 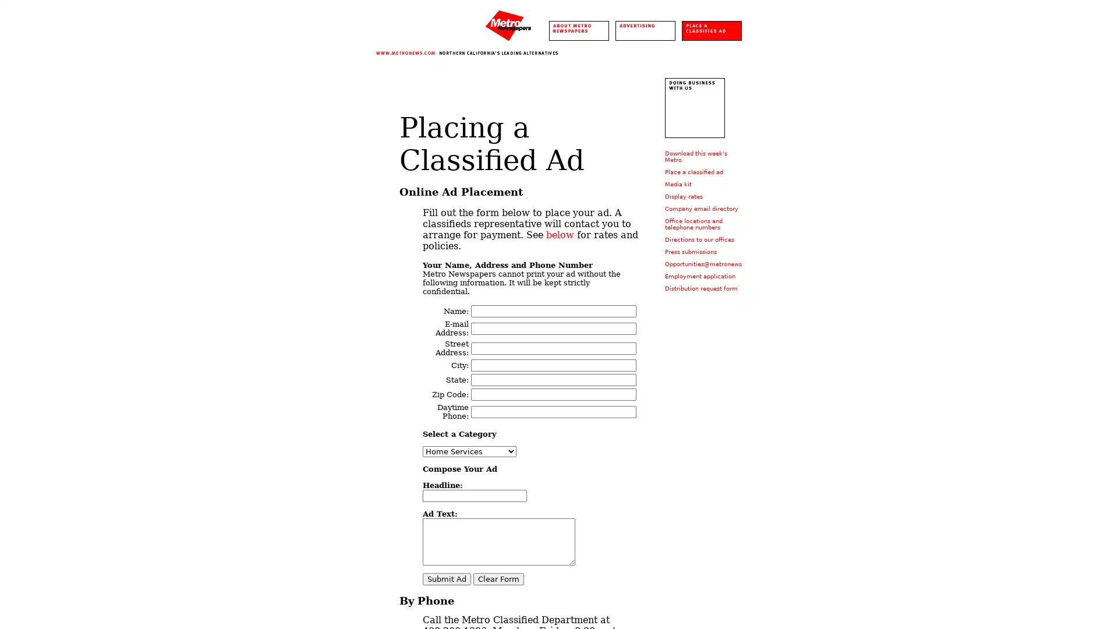 What do you see at coordinates (498, 579) in the screenshot?
I see `Clear Form` at bounding box center [498, 579].